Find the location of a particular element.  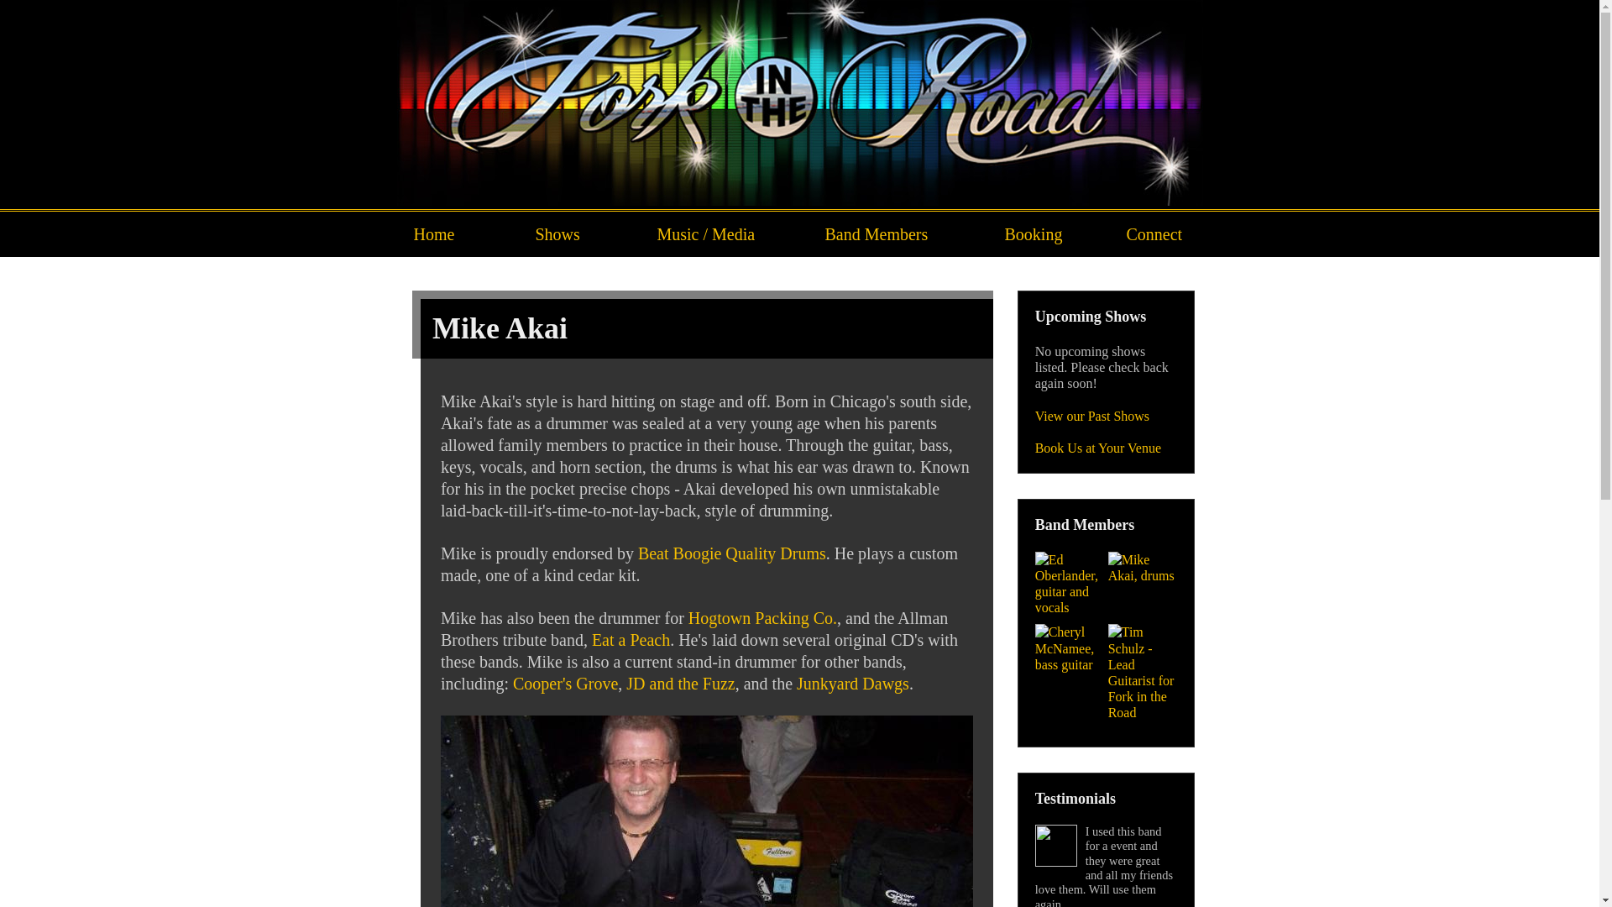

'Cooper's Grove' is located at coordinates (565, 683).